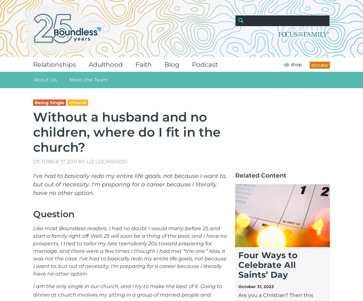 Image resolution: width=363 pixels, height=301 pixels. I want to click on 'October 17, 2011', so click(33, 161).